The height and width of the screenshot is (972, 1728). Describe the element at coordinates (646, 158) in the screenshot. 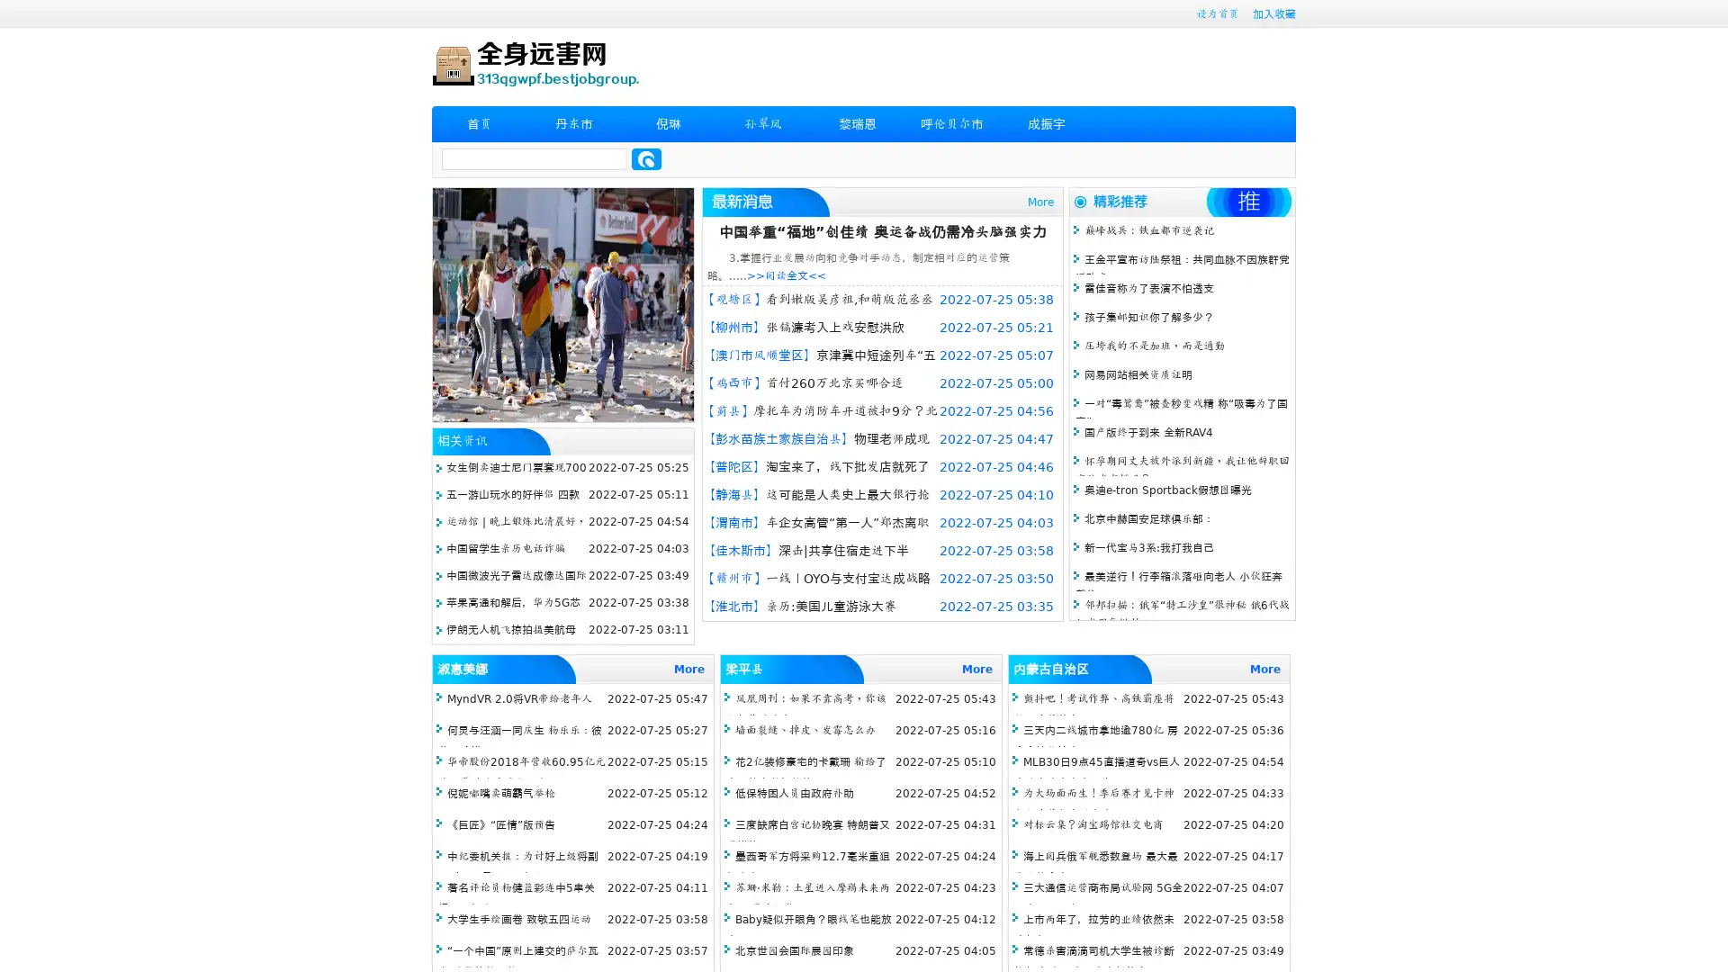

I see `Search` at that location.